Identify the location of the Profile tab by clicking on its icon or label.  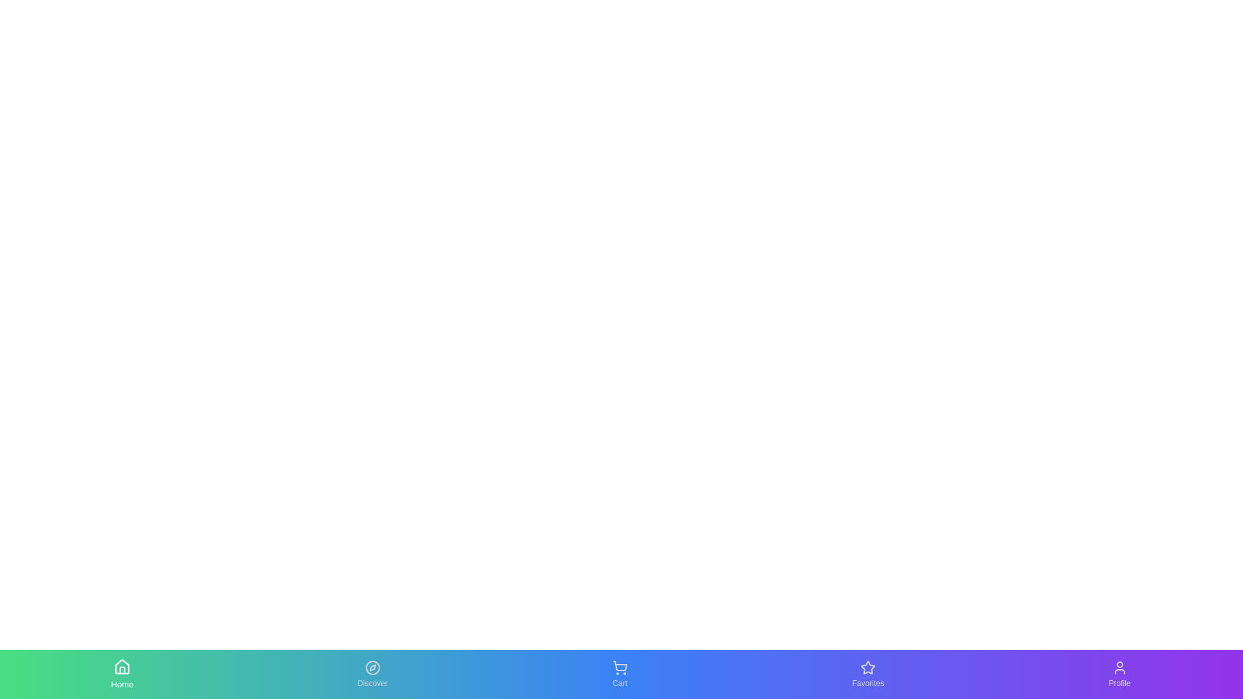
(1118, 673).